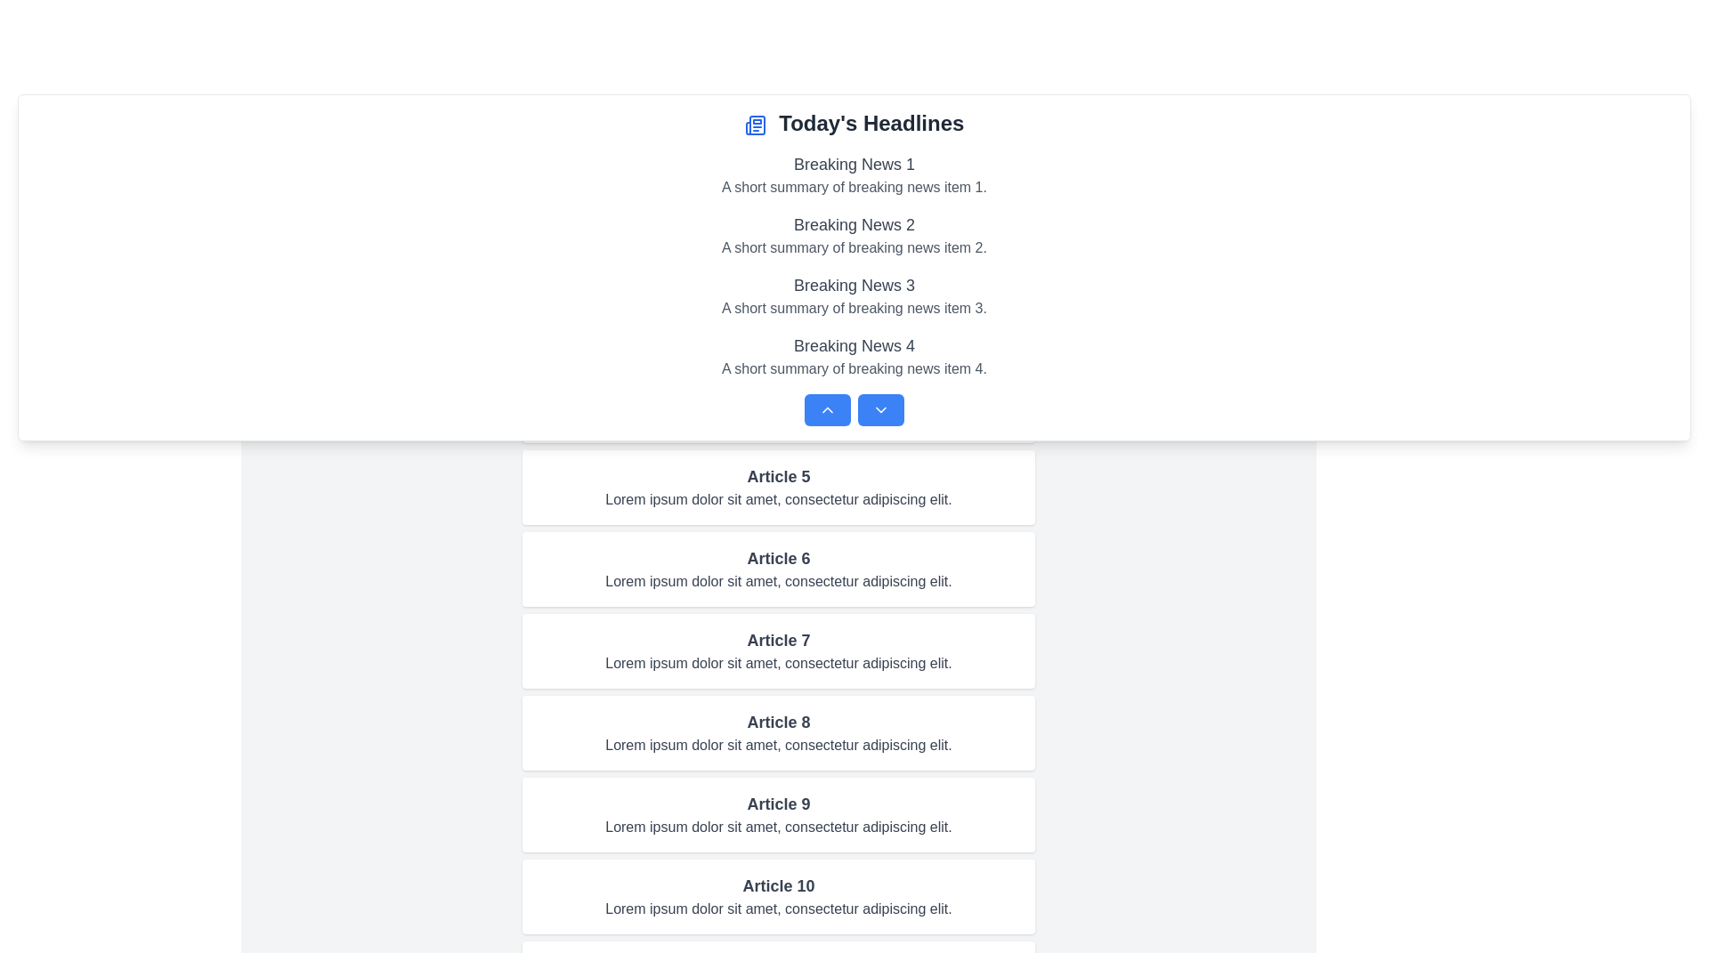 Image resolution: width=1709 pixels, height=961 pixels. I want to click on the first news item text block displaying 'Breaking News 1', so click(854, 174).